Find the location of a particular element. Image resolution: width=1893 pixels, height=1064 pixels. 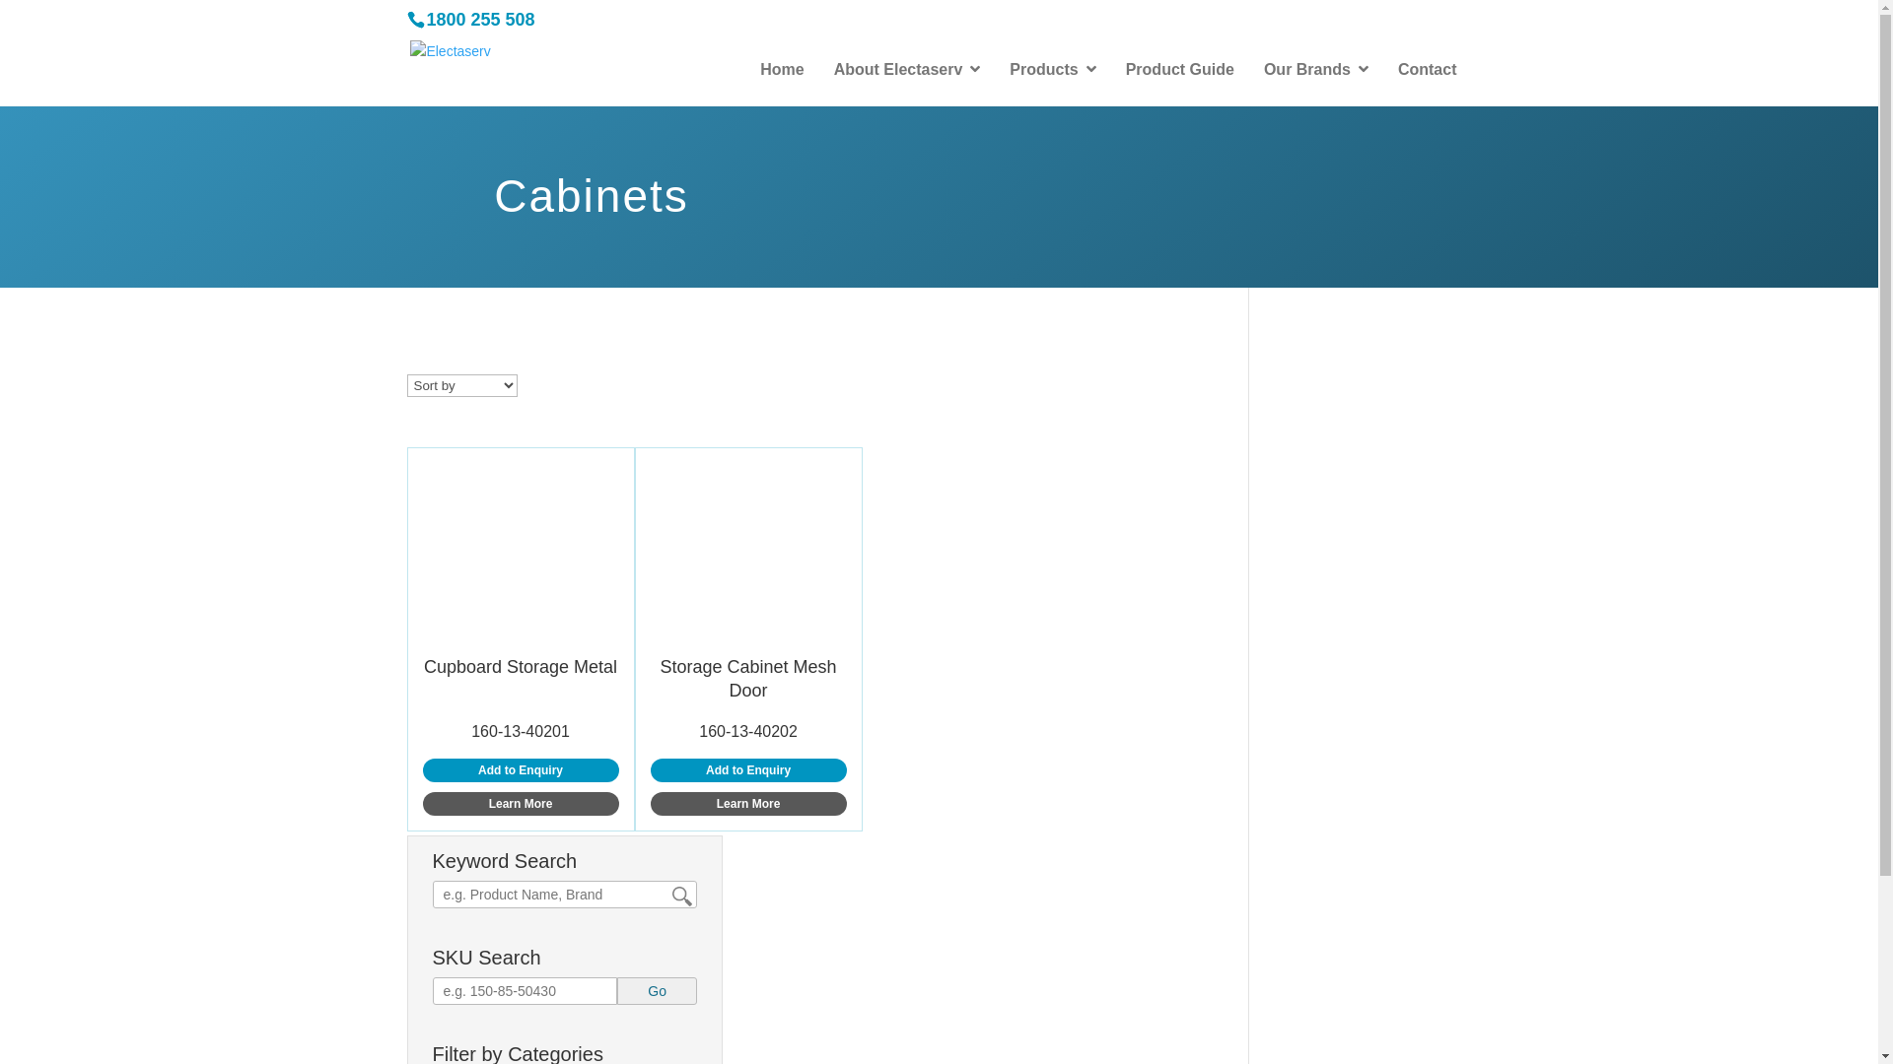

'Add to Enquiry' is located at coordinates (520, 769).